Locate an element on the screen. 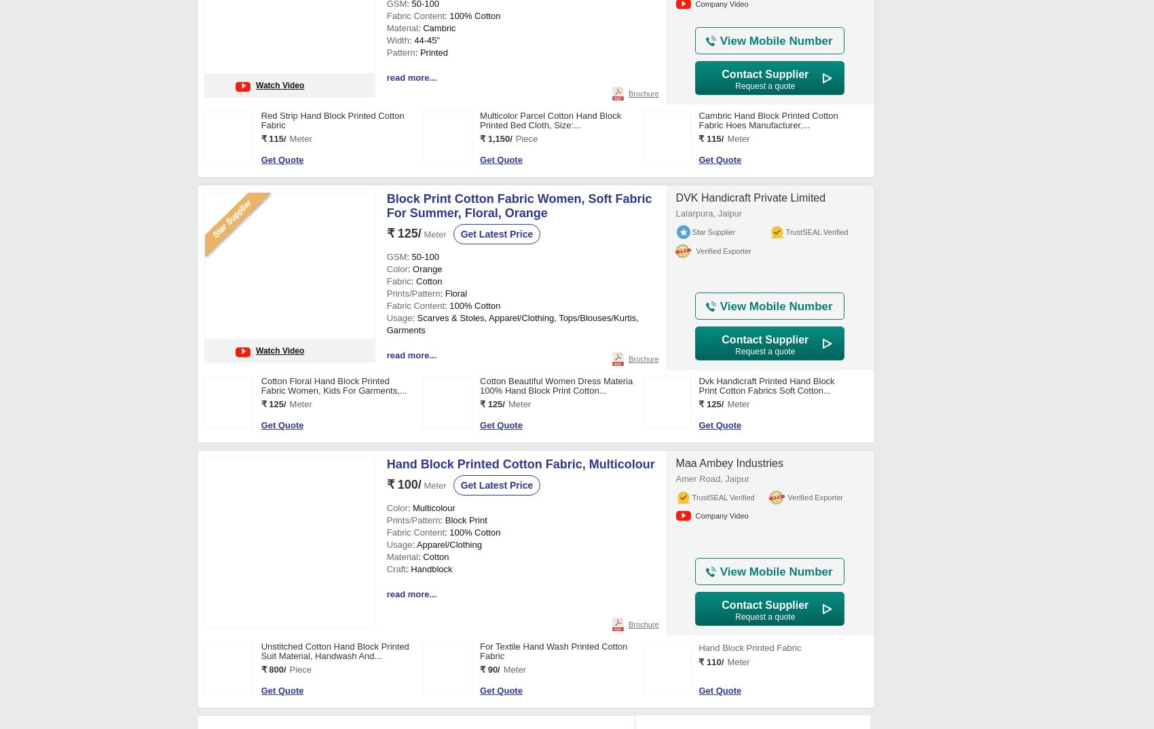 The height and width of the screenshot is (729, 1154). 'Pattern' is located at coordinates (385, 468).